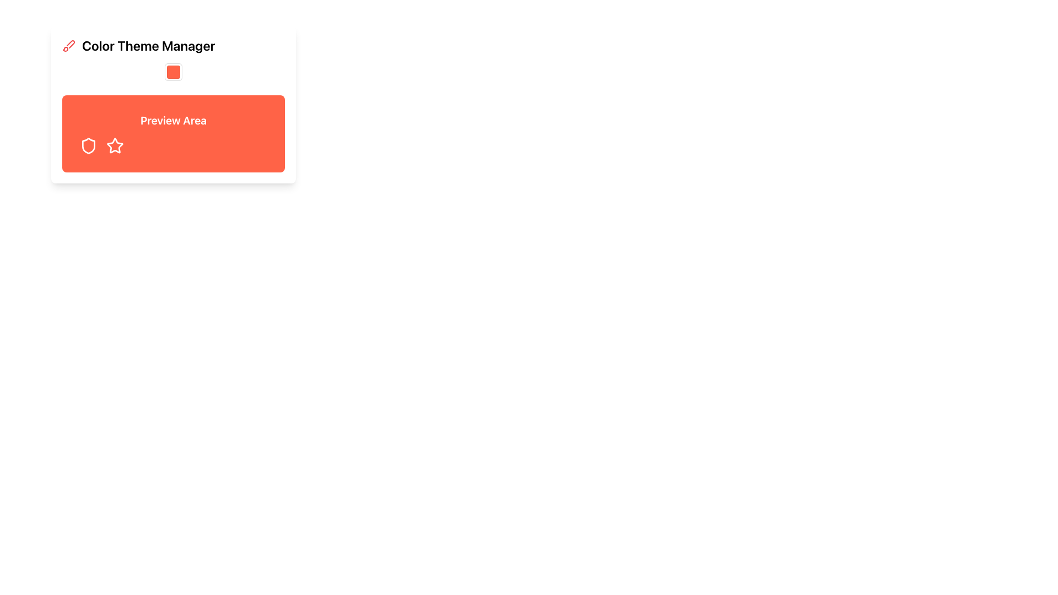 The height and width of the screenshot is (595, 1058). Describe the element at coordinates (173, 133) in the screenshot. I see `the Card-like preview panel within the 'Color Theme Manager', which provides visual feedback on the selected color theme` at that location.